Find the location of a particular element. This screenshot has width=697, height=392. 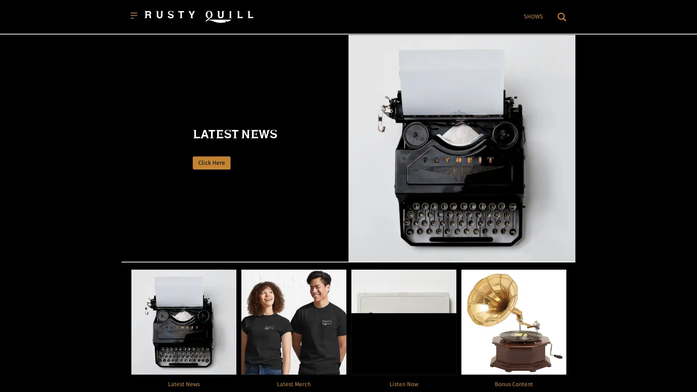

Open menu is located at coordinates (134, 15).